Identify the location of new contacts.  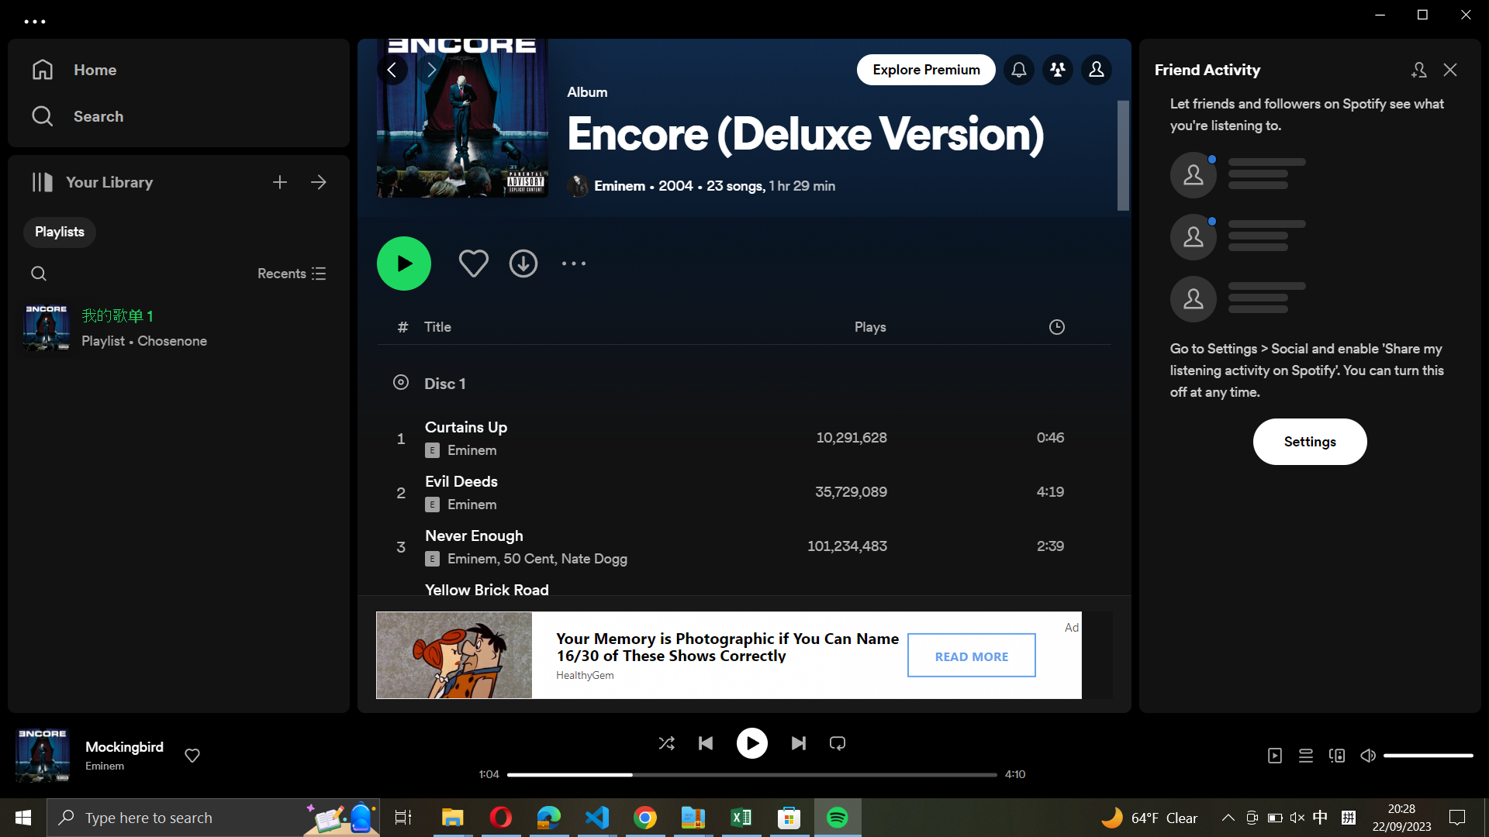
(1418, 67).